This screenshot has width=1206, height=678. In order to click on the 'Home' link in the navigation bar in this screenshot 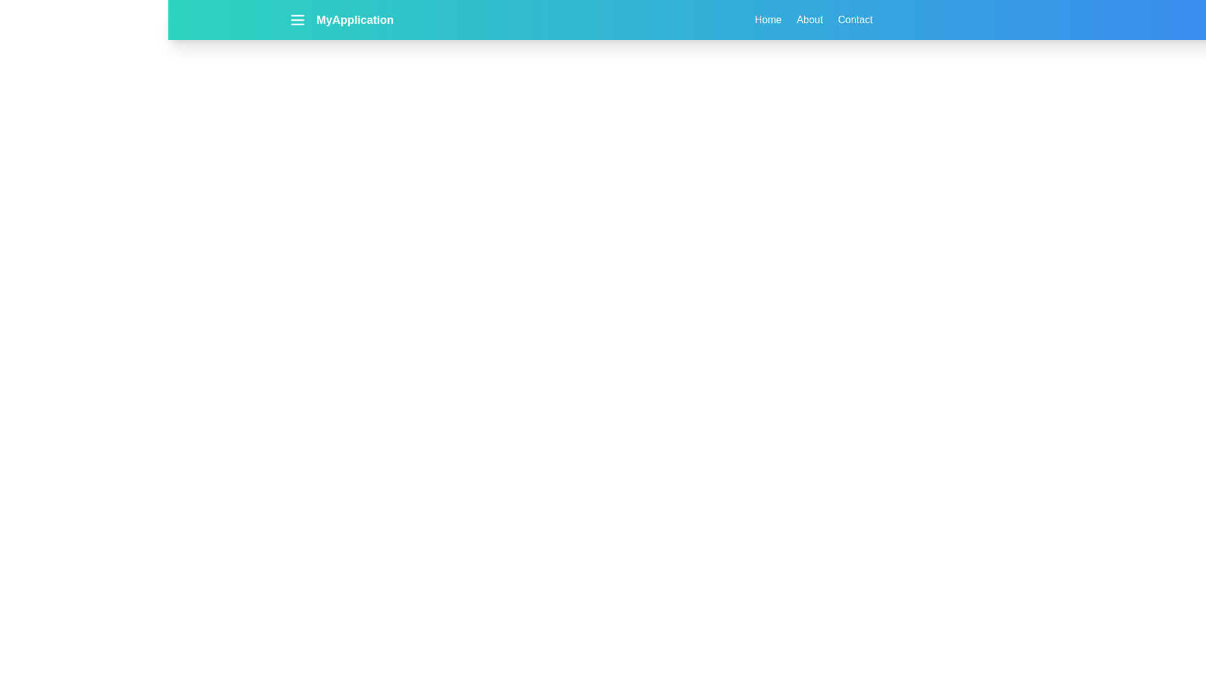, I will do `click(768, 19)`.